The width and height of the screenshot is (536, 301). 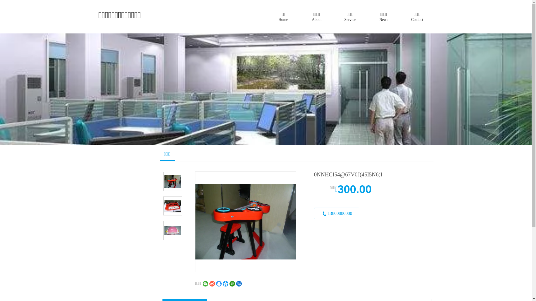 What do you see at coordinates (336, 213) in the screenshot?
I see `'13800000000'` at bounding box center [336, 213].